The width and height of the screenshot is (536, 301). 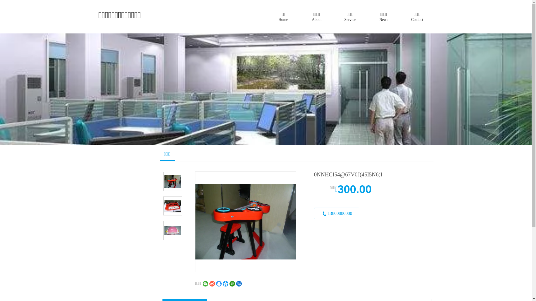 What do you see at coordinates (336, 213) in the screenshot?
I see `'13800000000'` at bounding box center [336, 213].